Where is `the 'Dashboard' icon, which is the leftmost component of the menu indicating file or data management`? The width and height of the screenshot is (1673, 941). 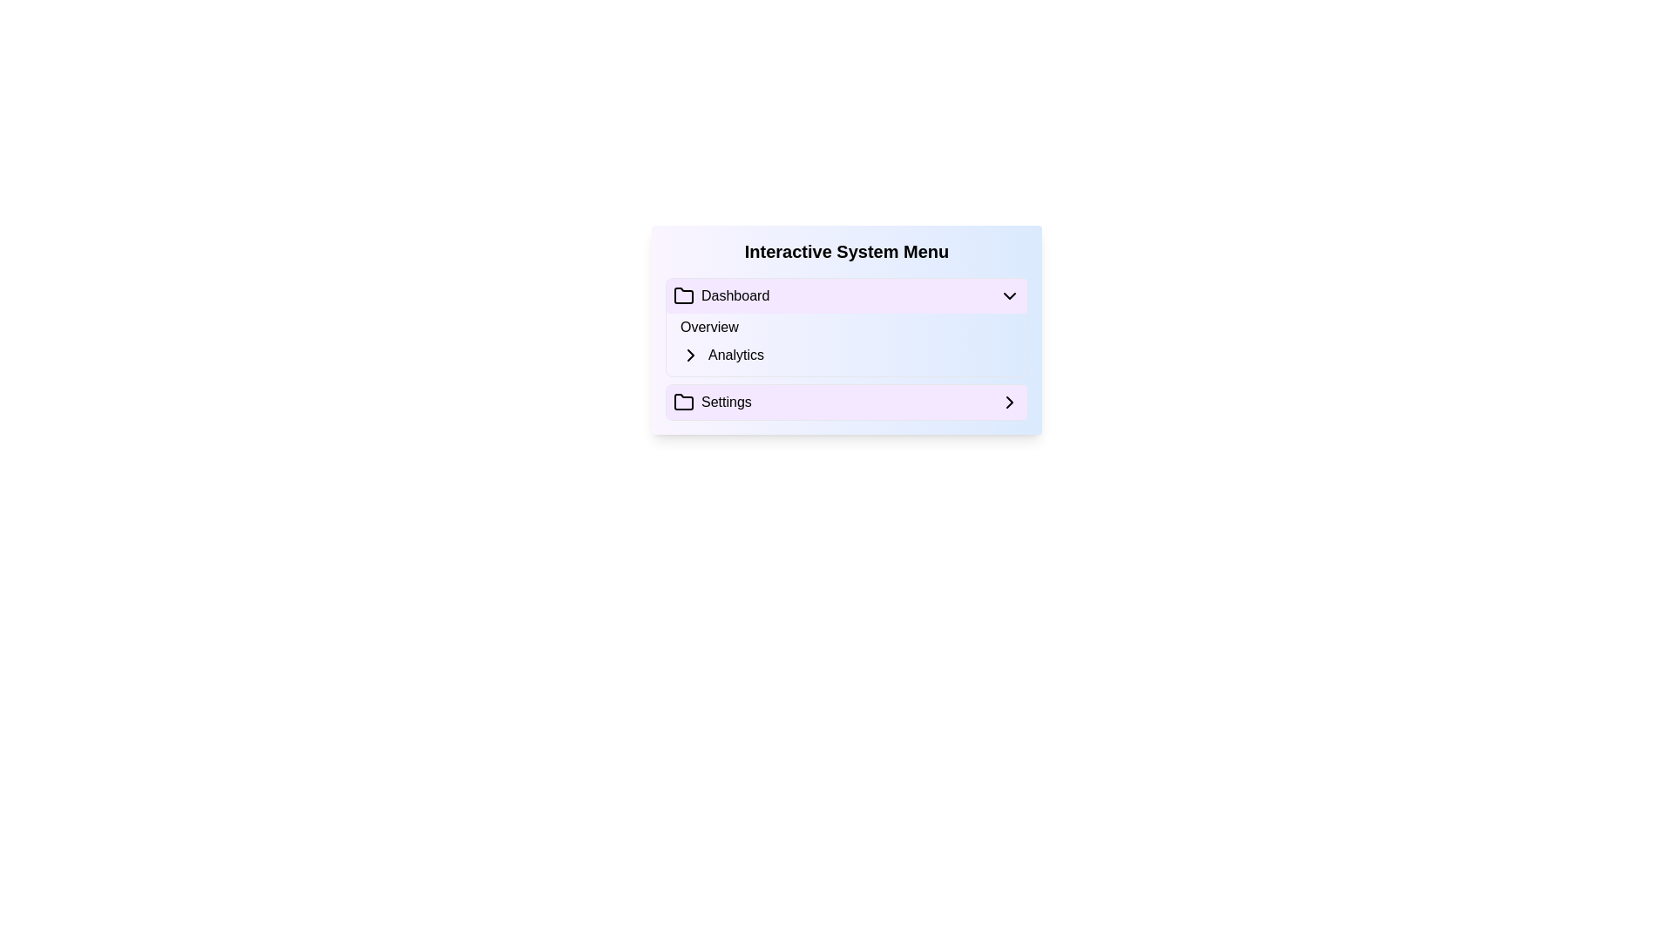 the 'Dashboard' icon, which is the leftmost component of the menu indicating file or data management is located at coordinates (683, 294).